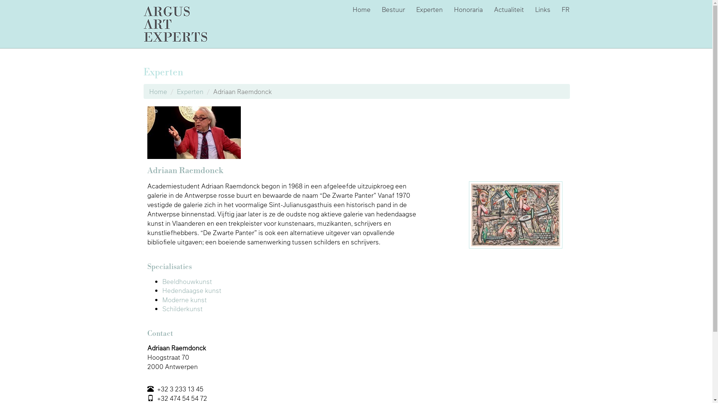 The width and height of the screenshot is (718, 403). I want to click on 'Hedendaagse kunst', so click(192, 290).